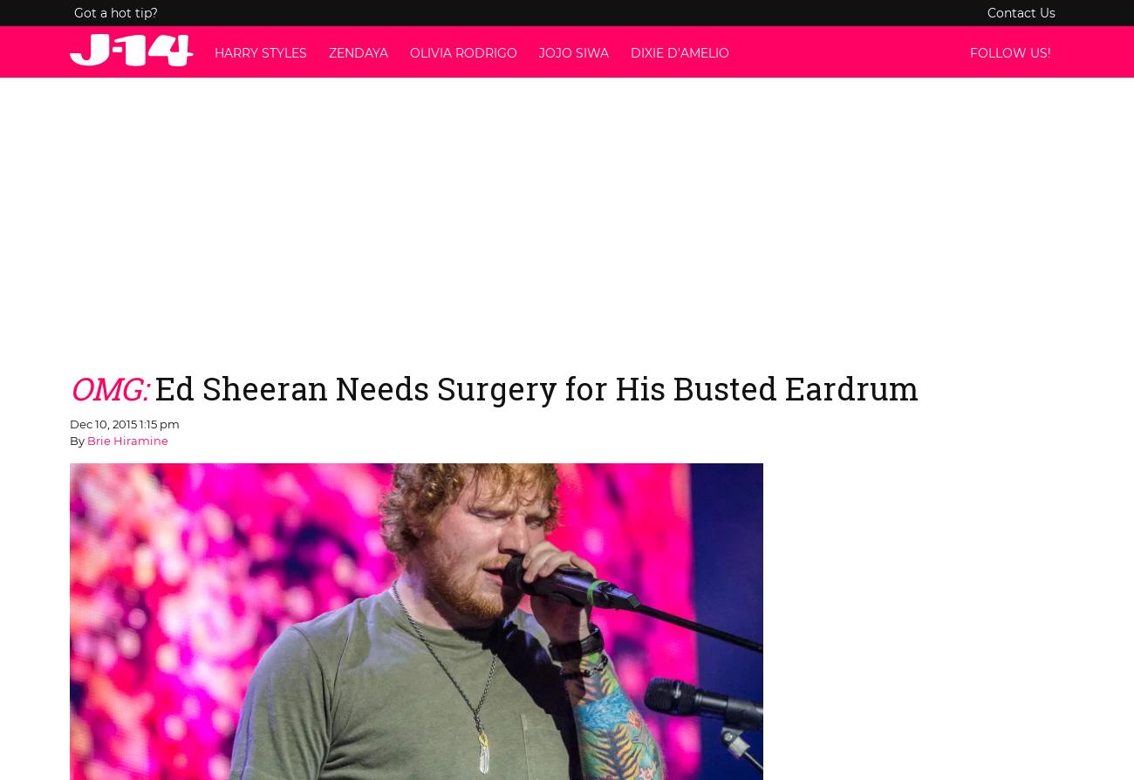  Describe the element at coordinates (1010, 52) in the screenshot. I see `'Follow us!'` at that location.